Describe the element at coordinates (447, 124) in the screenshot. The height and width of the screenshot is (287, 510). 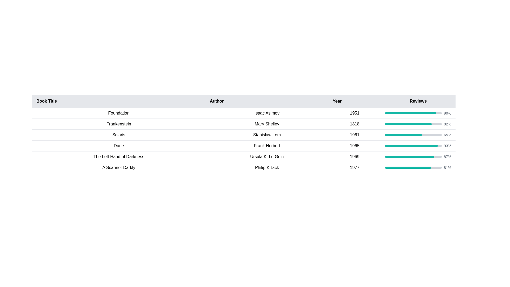
I see `the static text label displaying the percentage for the 'Frankenstein' book under the 'Reviews' column` at that location.